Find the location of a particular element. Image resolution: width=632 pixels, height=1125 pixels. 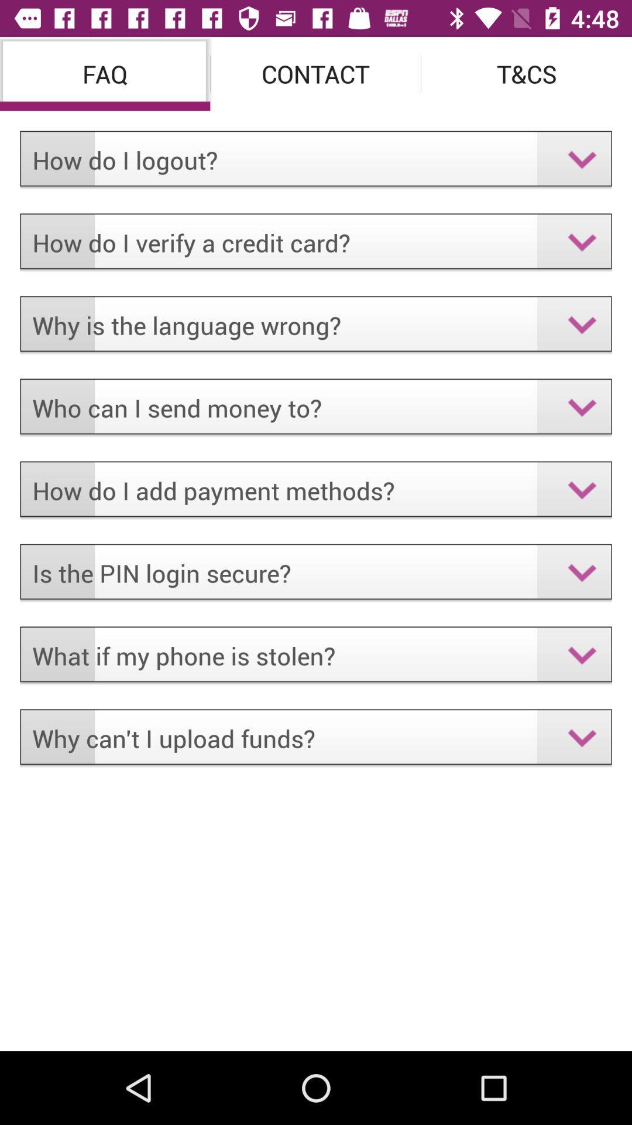

contact is located at coordinates (315, 73).